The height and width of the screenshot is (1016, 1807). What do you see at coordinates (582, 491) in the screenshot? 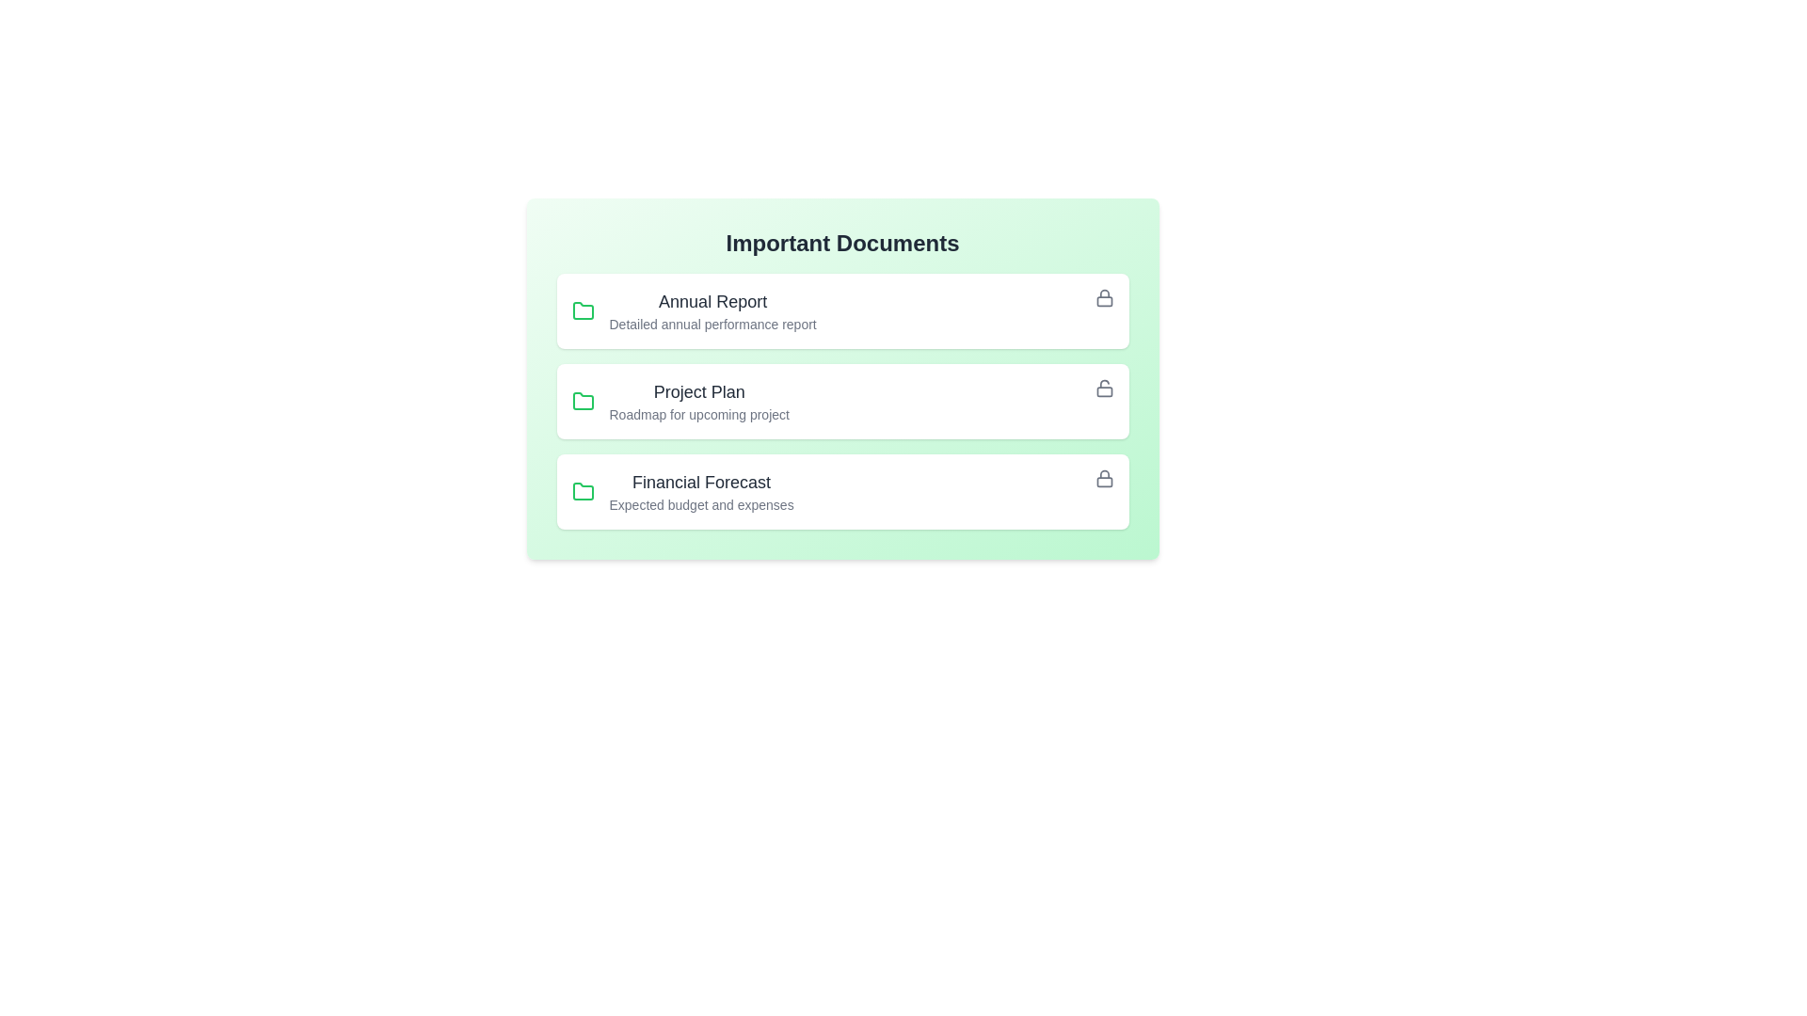
I see `the folder icon corresponding to the document titled Financial Forecast` at bounding box center [582, 491].